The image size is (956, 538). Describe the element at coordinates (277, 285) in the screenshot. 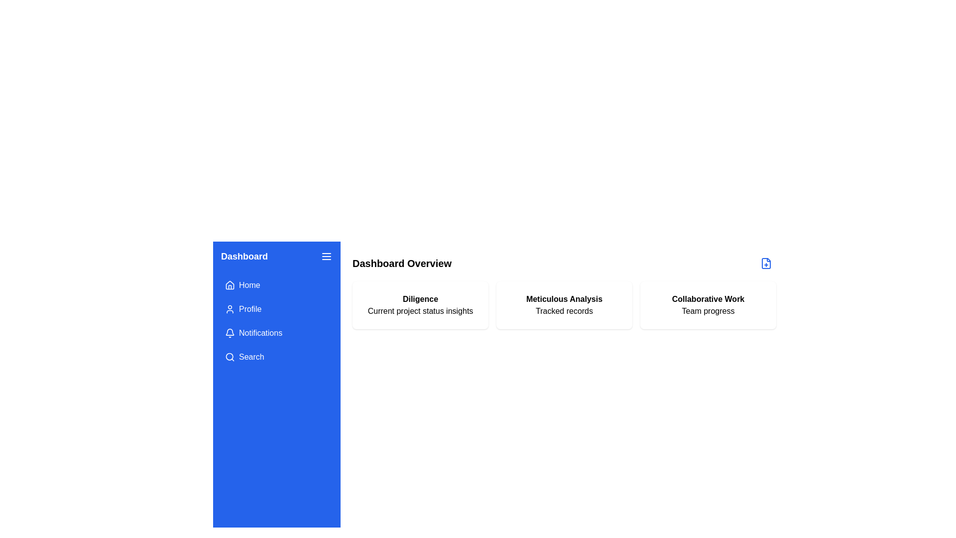

I see `the first button in the vertically-stacked menu list located on the left sidebar, positioned above the 'Profile' button` at that location.